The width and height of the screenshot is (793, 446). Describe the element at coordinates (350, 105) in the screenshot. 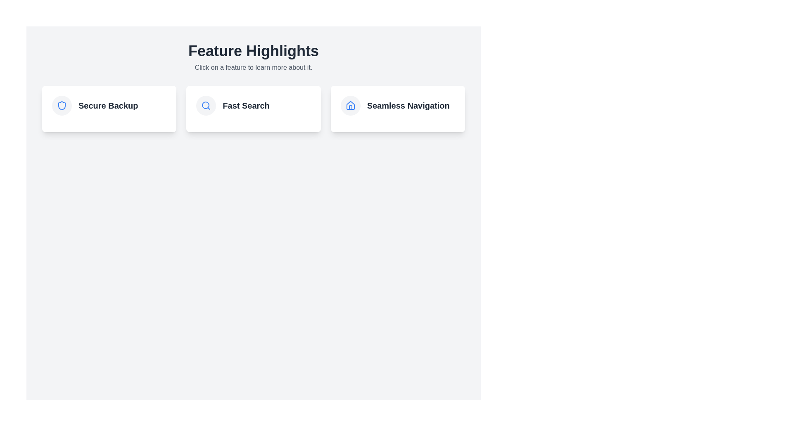

I see `the house vector icon located at the center of the third button from the left in the 'Feature Highlights' section` at that location.